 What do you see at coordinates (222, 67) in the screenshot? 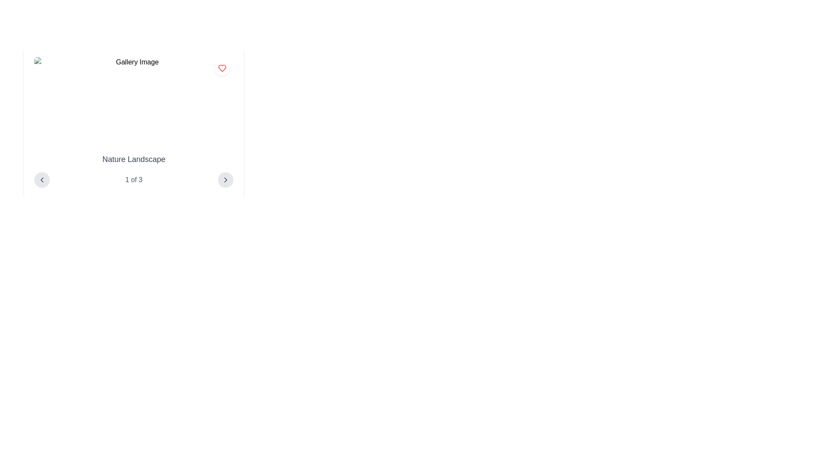
I see `the heart icon button located in the top-right corner of the gallery card to favorite the item` at bounding box center [222, 67].